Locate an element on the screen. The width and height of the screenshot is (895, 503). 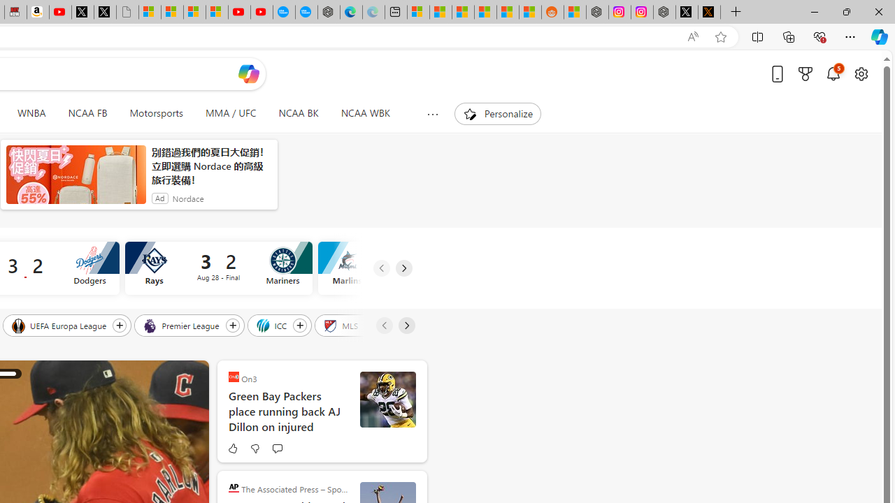
'Untitled' is located at coordinates (127, 12).